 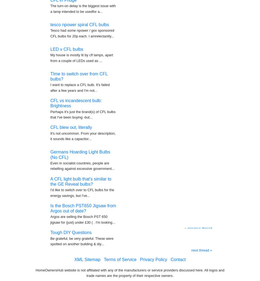 I want to click on 'I want to replace a CFL bulb.  It's failed after a few years and I'm not...', so click(x=80, y=85).